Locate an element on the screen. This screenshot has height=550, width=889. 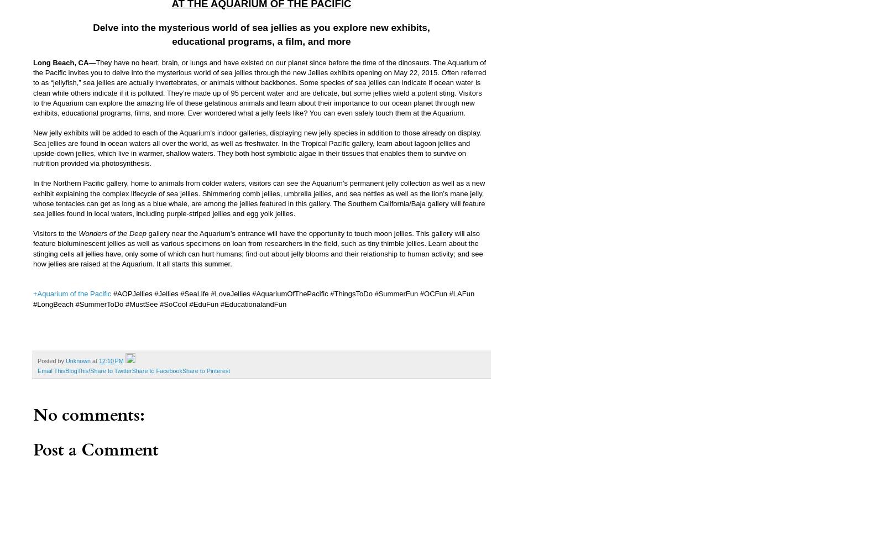
'at' is located at coordinates (95, 360).